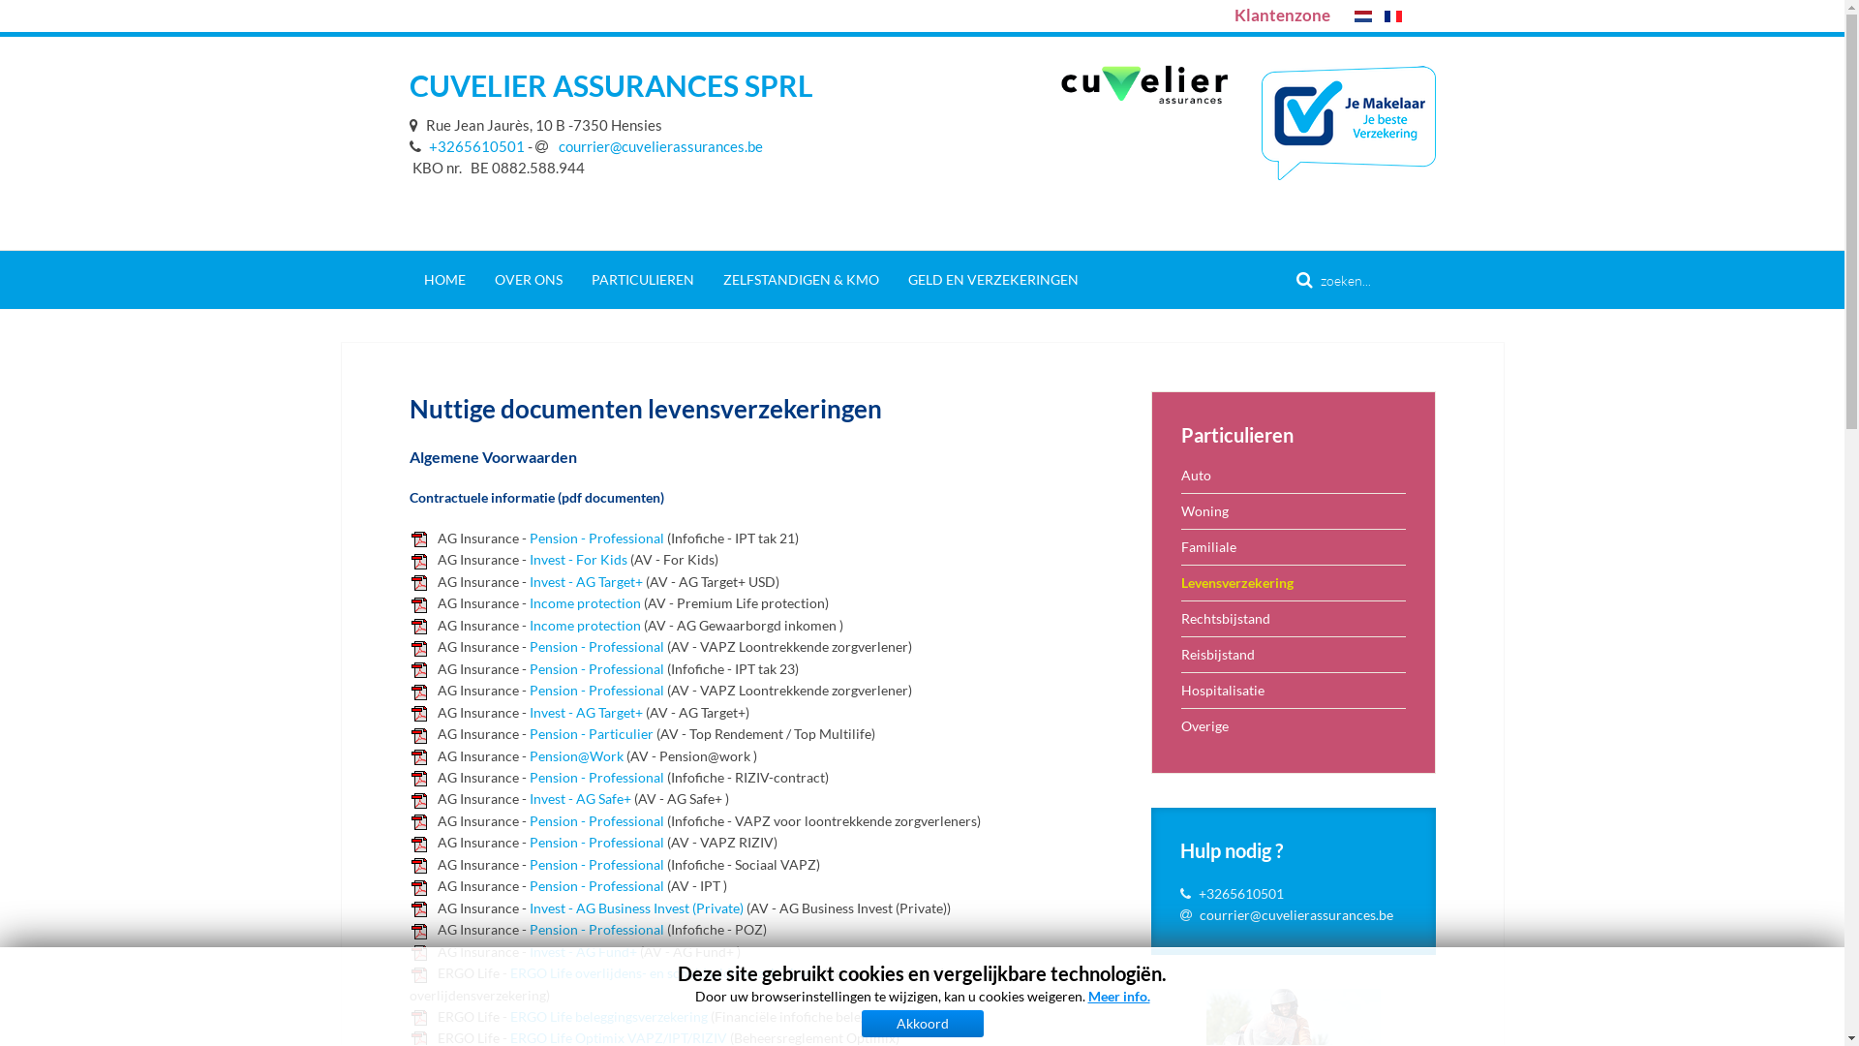  Describe the element at coordinates (529, 733) in the screenshot. I see `'Pension - Particulier'` at that location.